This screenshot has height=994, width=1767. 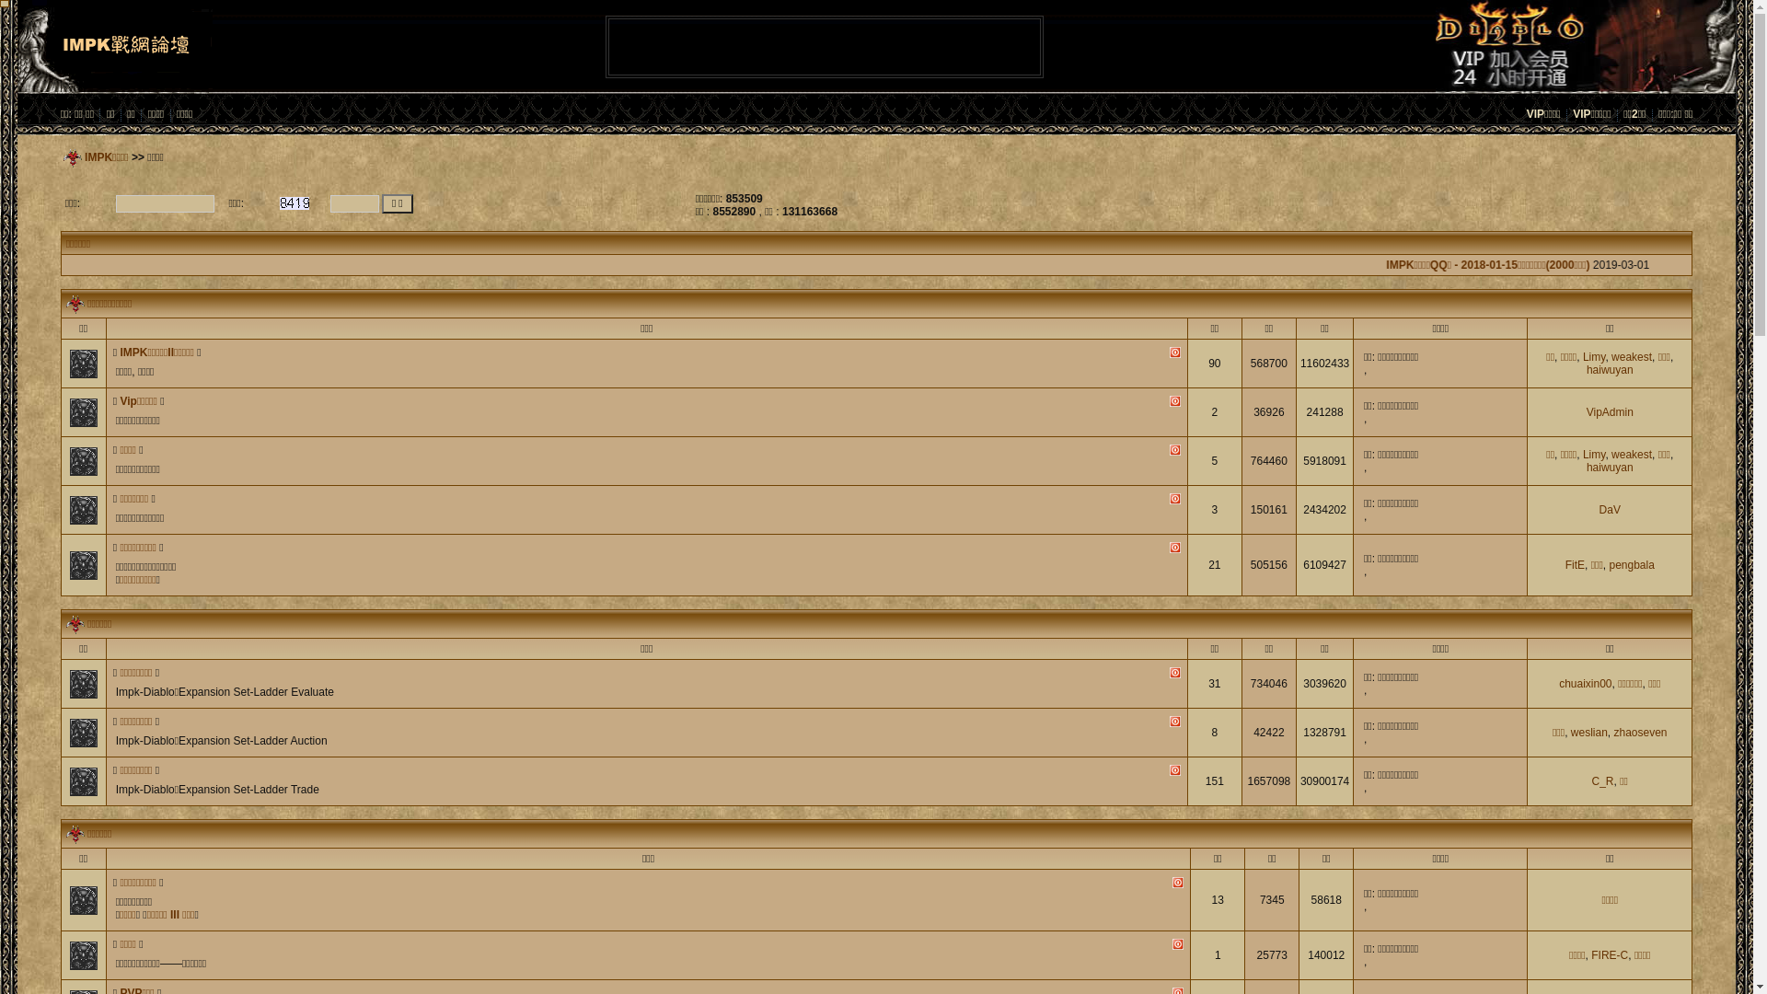 What do you see at coordinates (1602, 780) in the screenshot?
I see `'C_R'` at bounding box center [1602, 780].